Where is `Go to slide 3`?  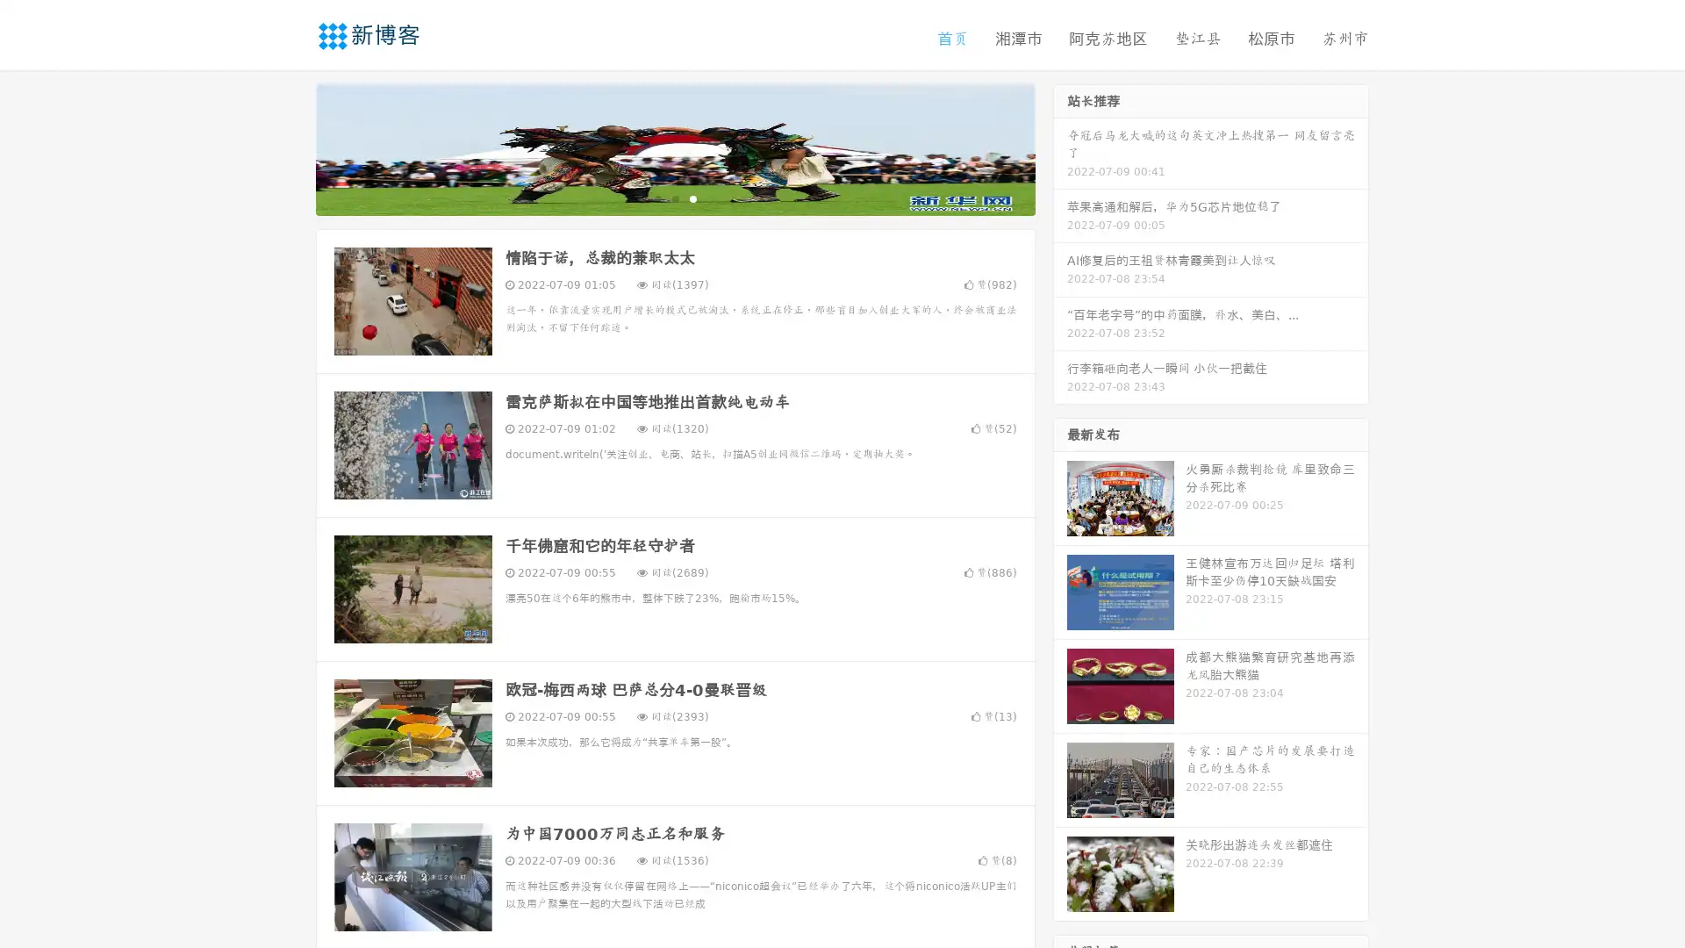 Go to slide 3 is located at coordinates (692, 197).